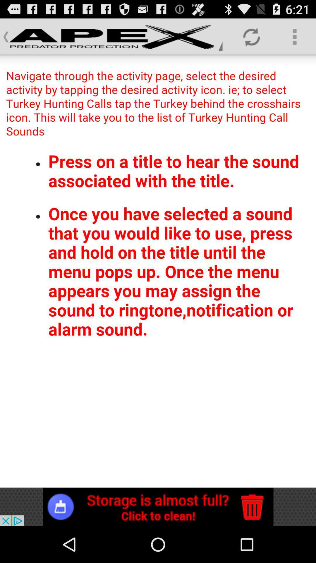 Image resolution: width=316 pixels, height=563 pixels. Describe the element at coordinates (158, 506) in the screenshot. I see `advertisement bar` at that location.